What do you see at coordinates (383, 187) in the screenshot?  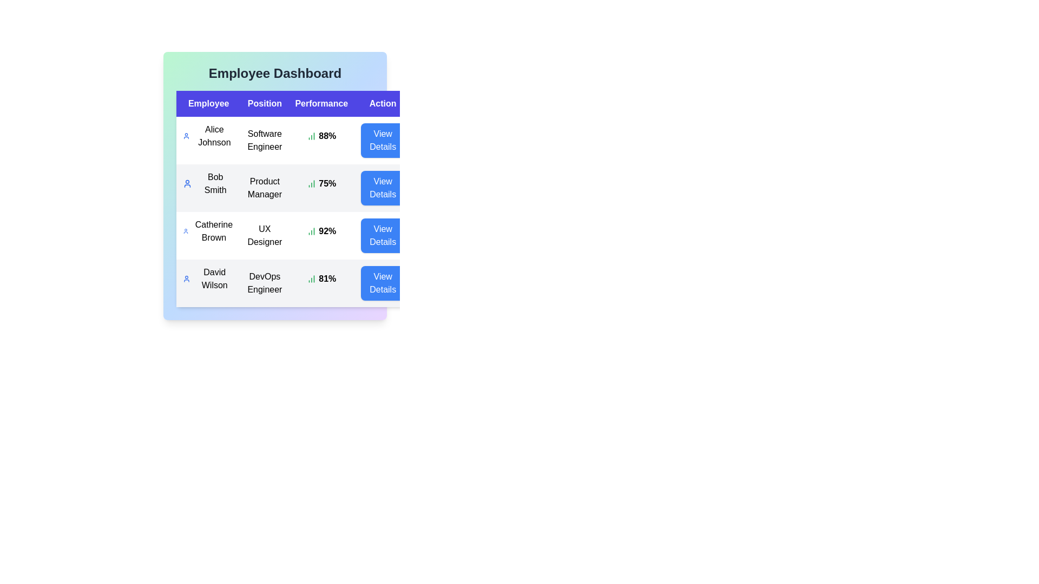 I see `'View Details' button for the employee specified by Bob Smith` at bounding box center [383, 187].